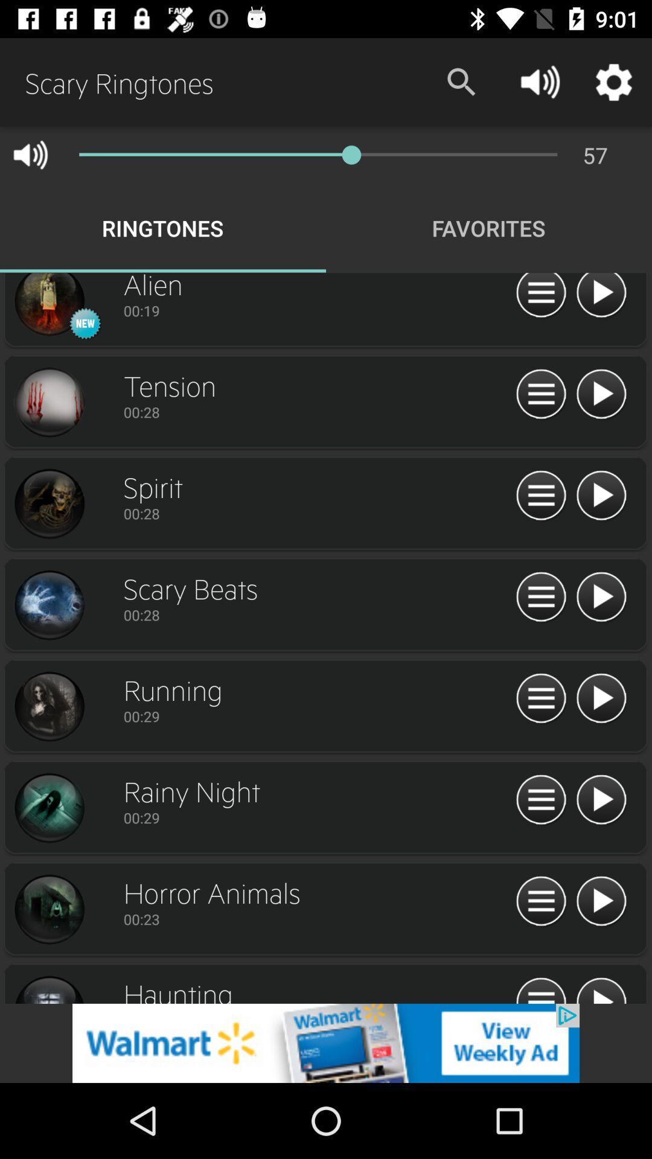 The image size is (652, 1159). Describe the element at coordinates (326, 1042) in the screenshot. I see `access advertisement` at that location.